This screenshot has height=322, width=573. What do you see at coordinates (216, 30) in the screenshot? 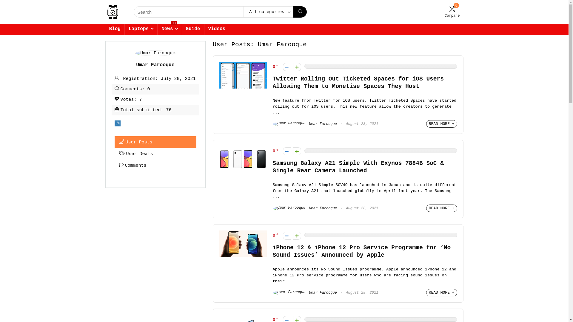
I see `'Videos'` at bounding box center [216, 30].